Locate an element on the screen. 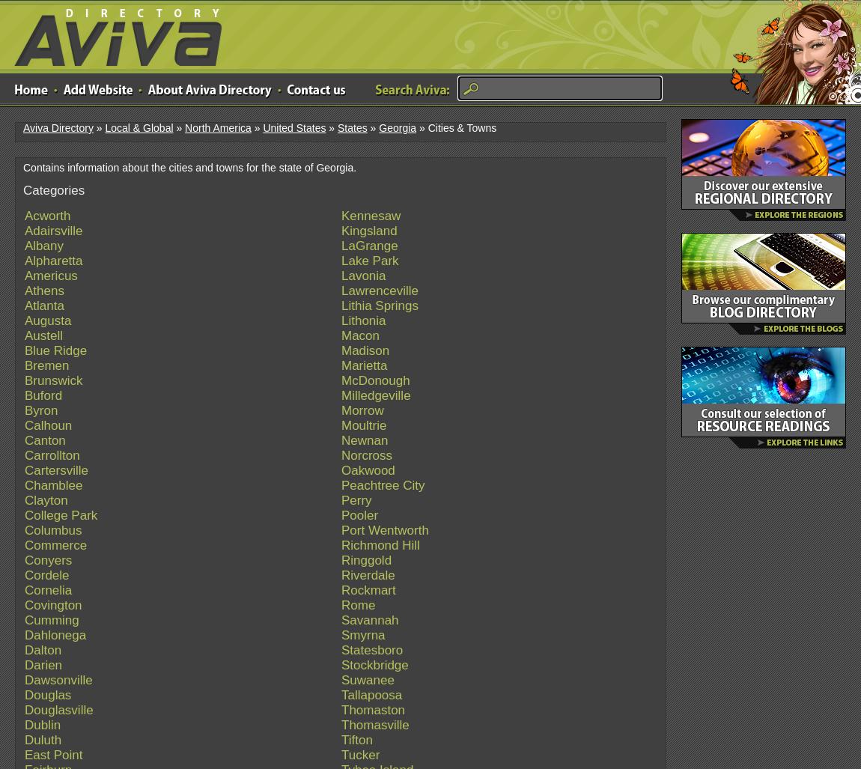 The image size is (861, 769). 'Athens' is located at coordinates (43, 291).